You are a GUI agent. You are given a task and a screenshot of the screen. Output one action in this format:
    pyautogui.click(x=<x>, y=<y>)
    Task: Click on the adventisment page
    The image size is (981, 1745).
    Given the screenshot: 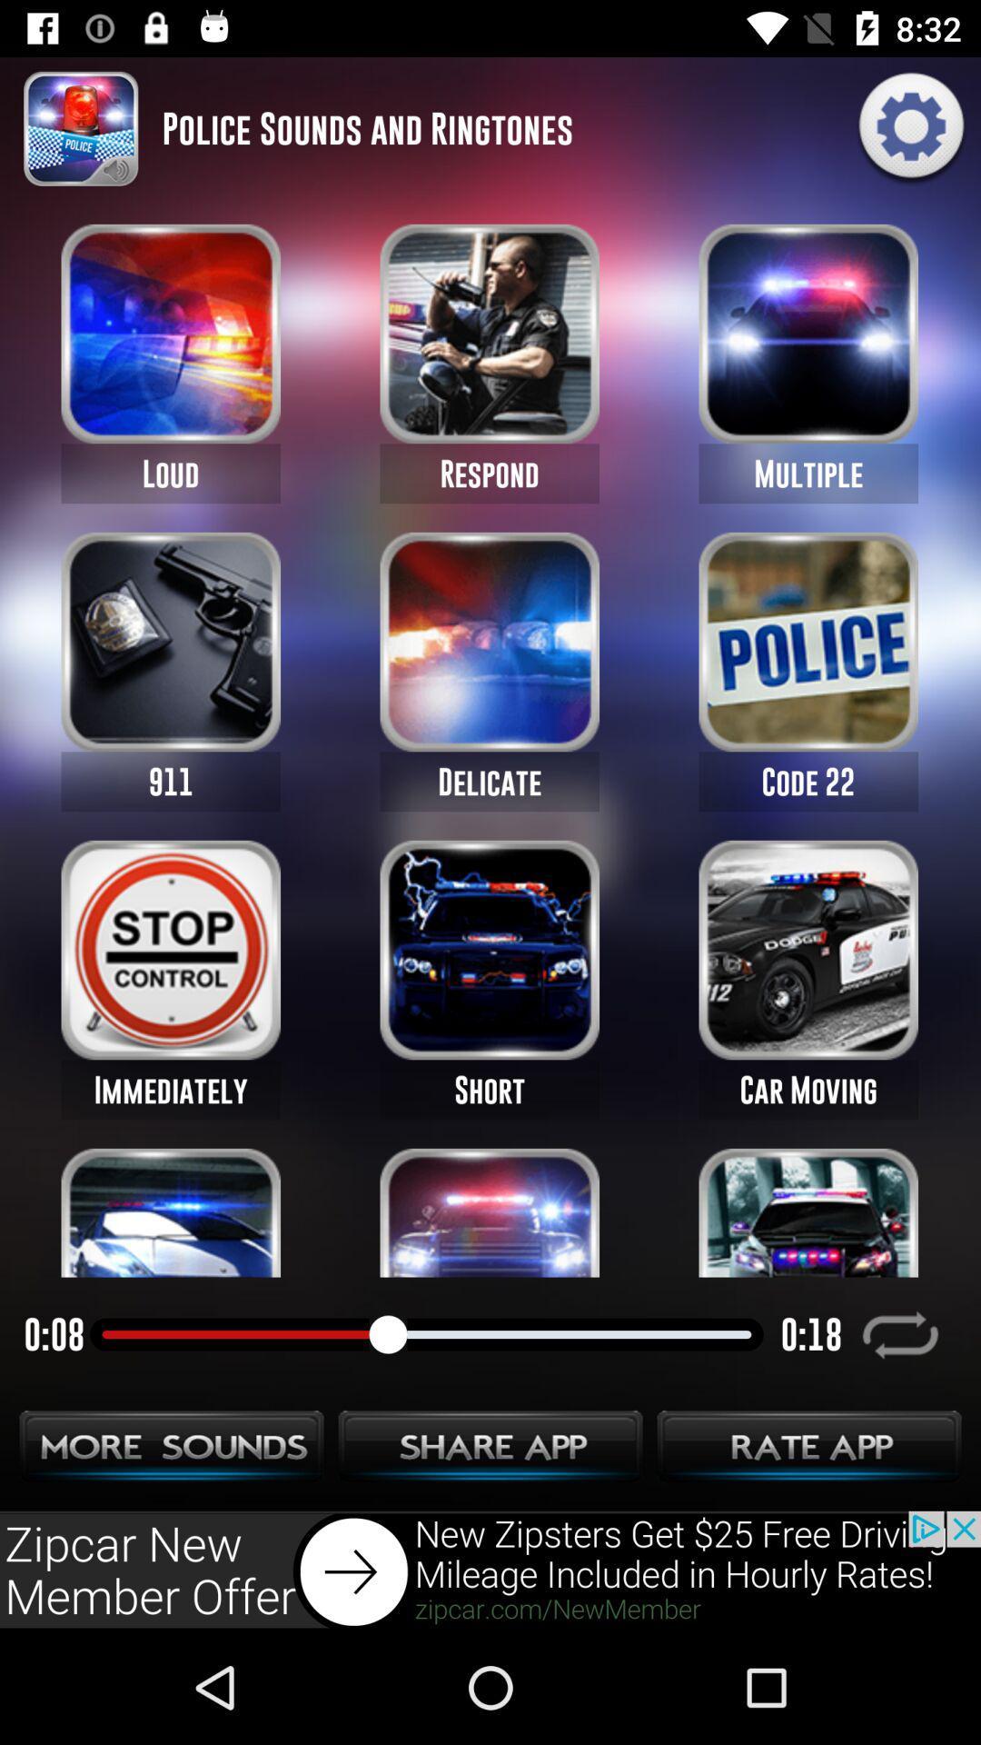 What is the action you would take?
    pyautogui.click(x=490, y=1570)
    